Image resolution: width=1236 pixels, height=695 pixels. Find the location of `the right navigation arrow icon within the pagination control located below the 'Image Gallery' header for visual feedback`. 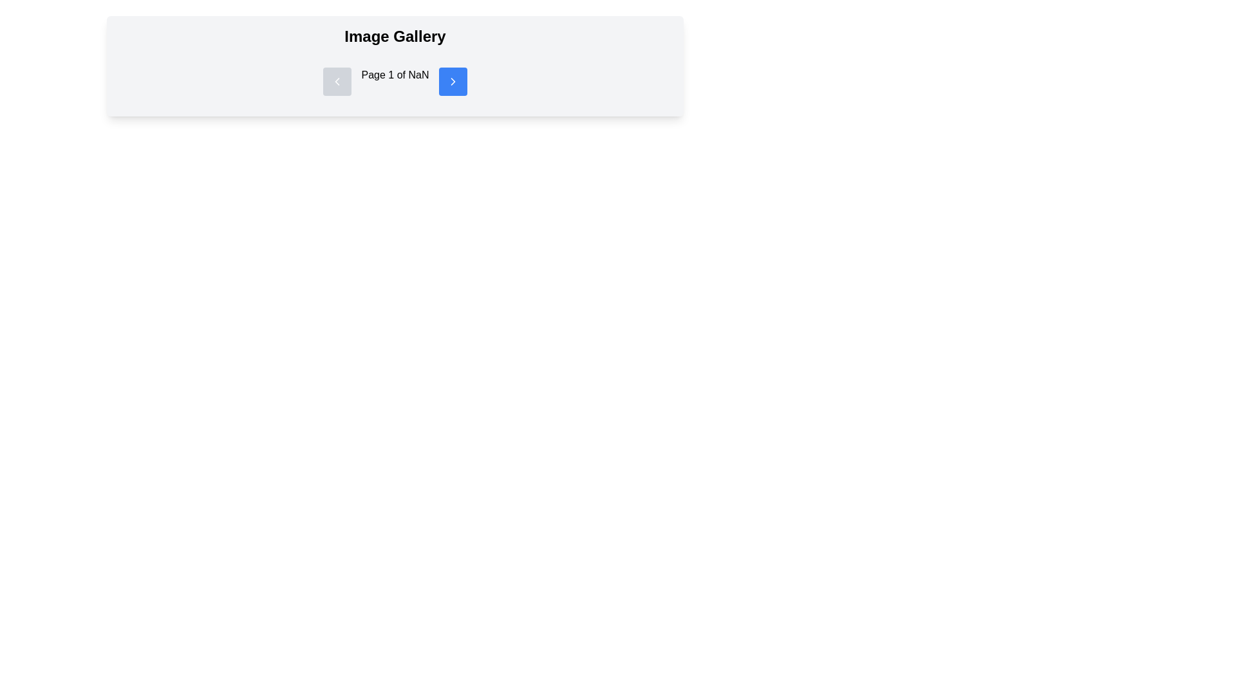

the right navigation arrow icon within the pagination control located below the 'Image Gallery' header for visual feedback is located at coordinates (453, 82).